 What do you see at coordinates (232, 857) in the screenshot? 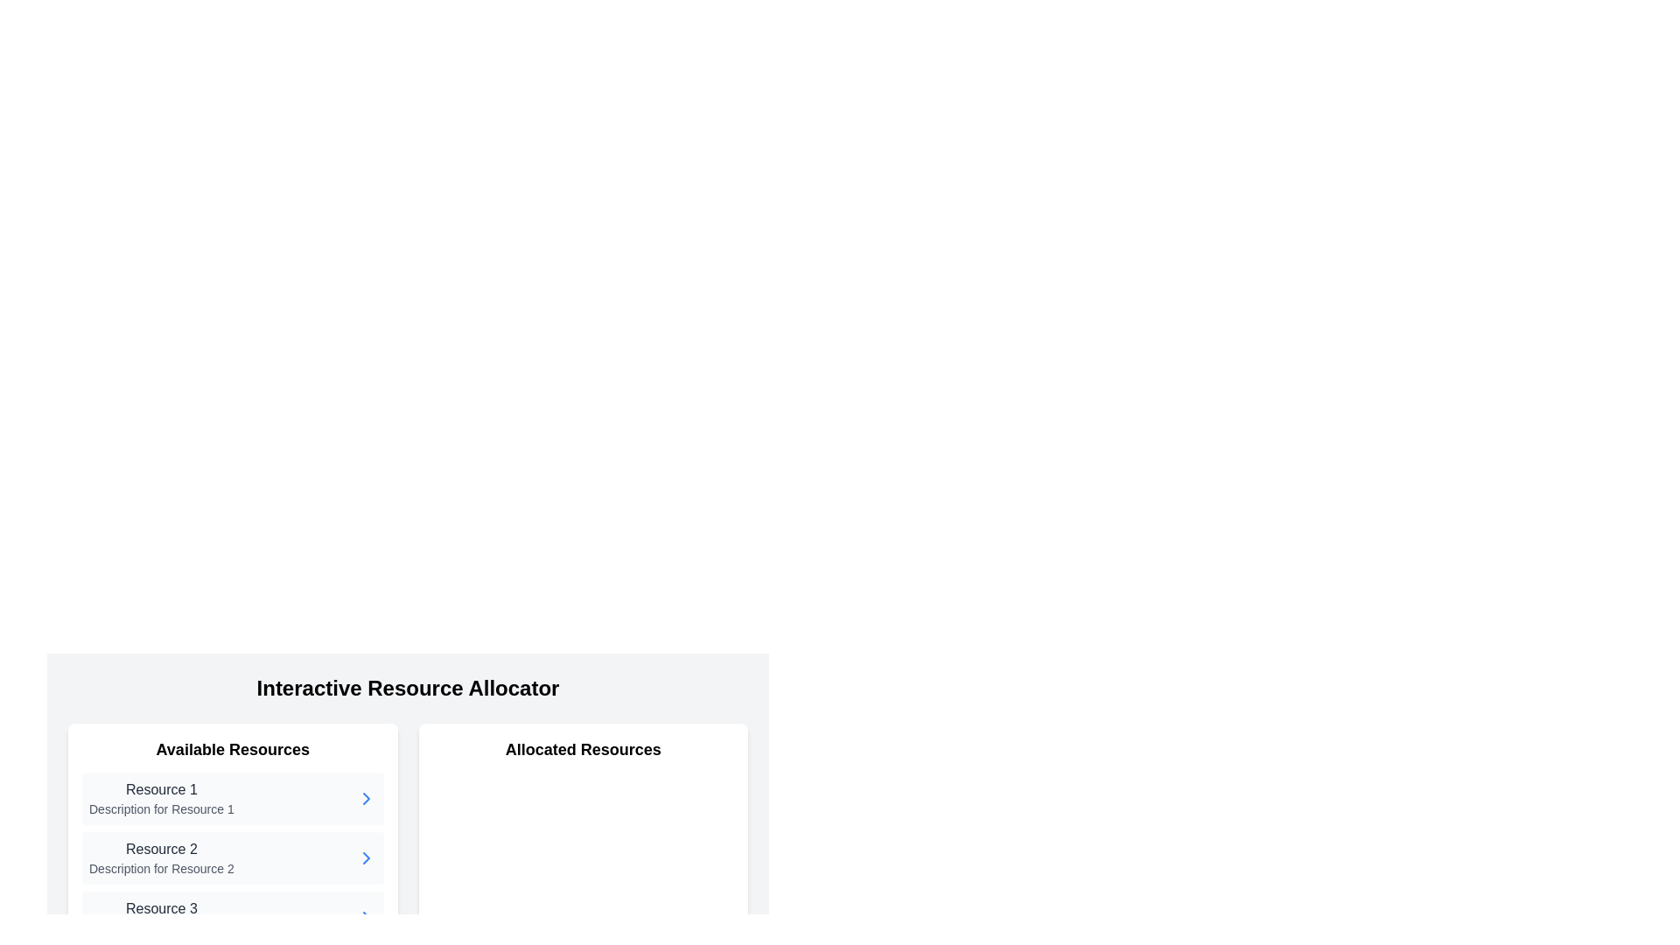
I see `the interactive list item entry for 'Resource 2'` at bounding box center [232, 857].